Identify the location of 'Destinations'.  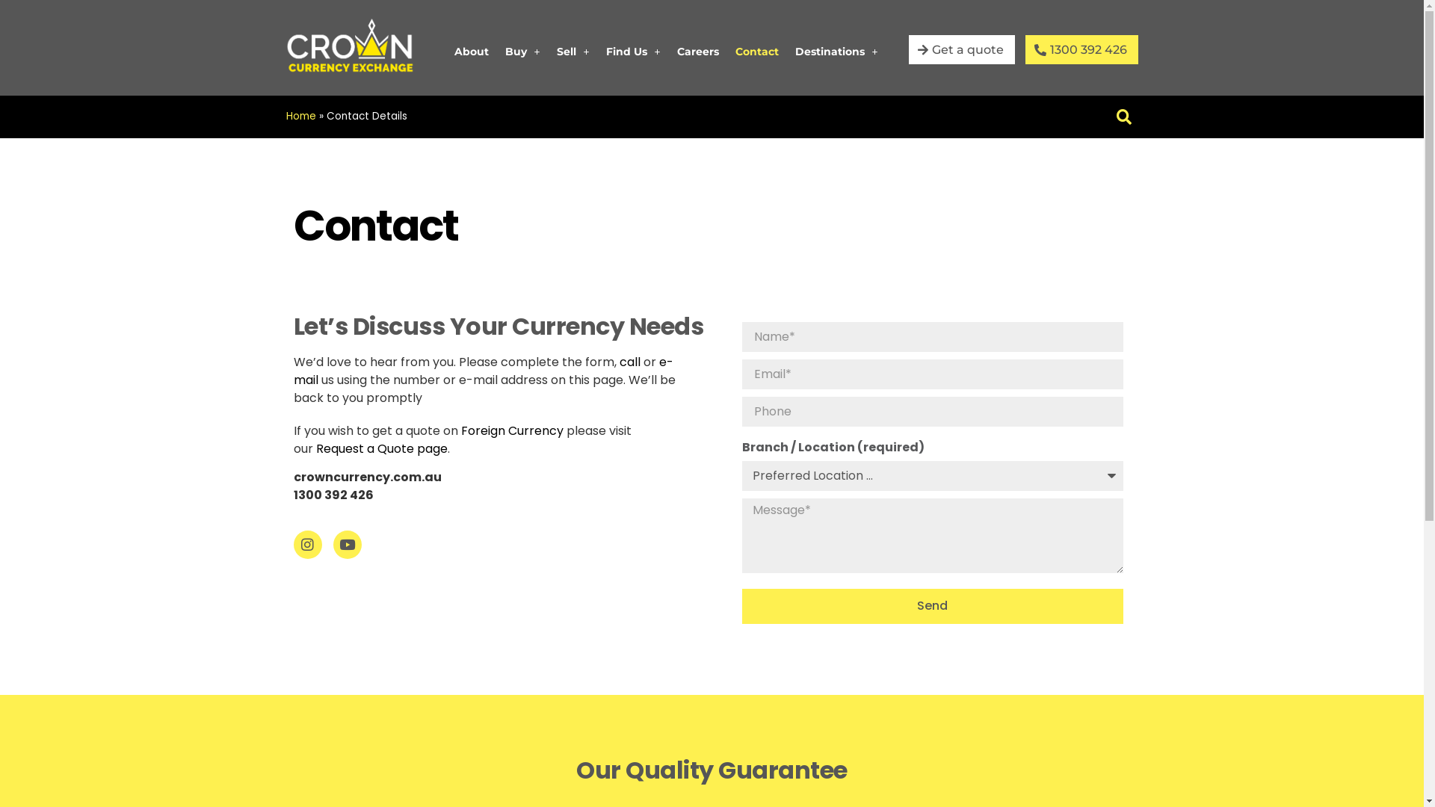
(836, 51).